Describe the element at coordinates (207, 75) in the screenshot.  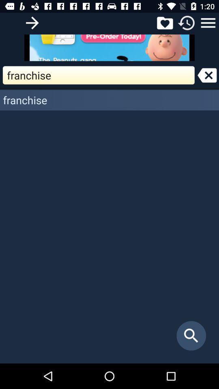
I see `backspace arrow` at that location.